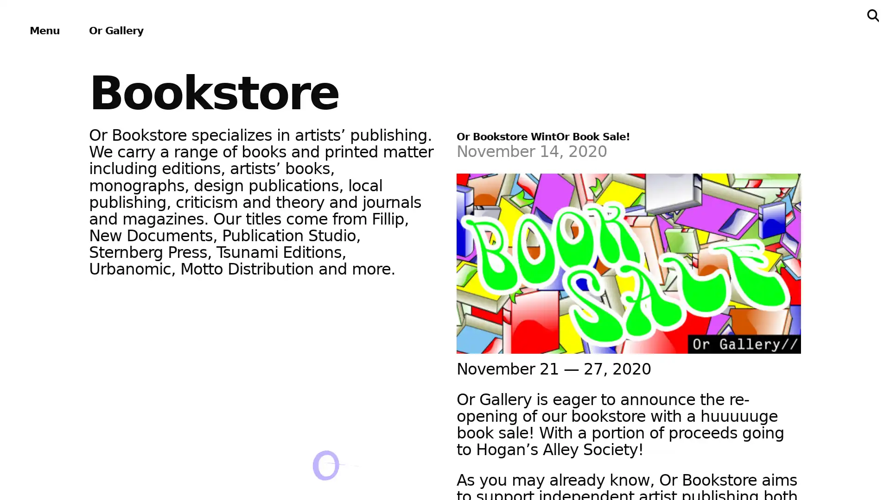  Describe the element at coordinates (540, 193) in the screenshot. I see `Subscribe` at that location.